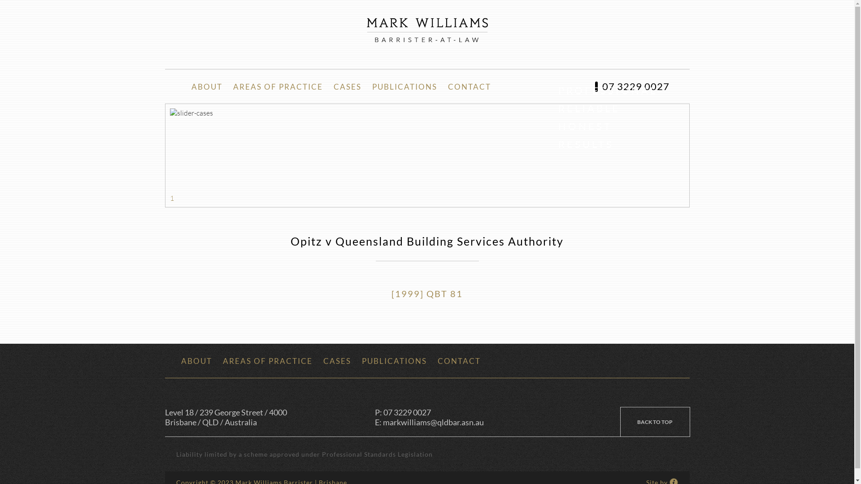 Image resolution: width=861 pixels, height=484 pixels. Describe the element at coordinates (206, 86) in the screenshot. I see `'ABOUT'` at that location.